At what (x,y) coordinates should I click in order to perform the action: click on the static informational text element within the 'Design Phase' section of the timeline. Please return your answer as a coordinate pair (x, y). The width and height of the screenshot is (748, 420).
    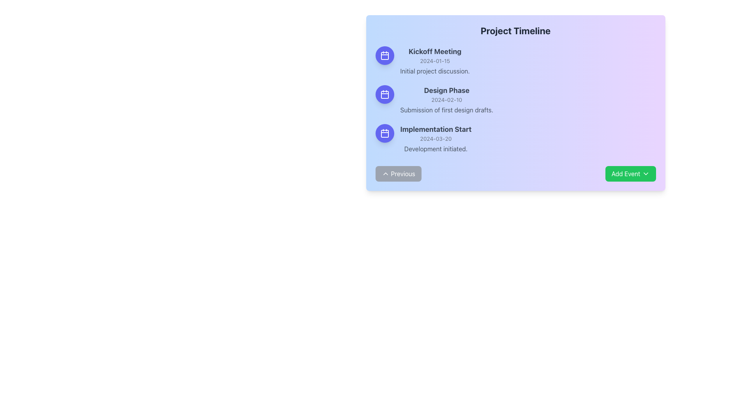
    Looking at the image, I should click on (446, 110).